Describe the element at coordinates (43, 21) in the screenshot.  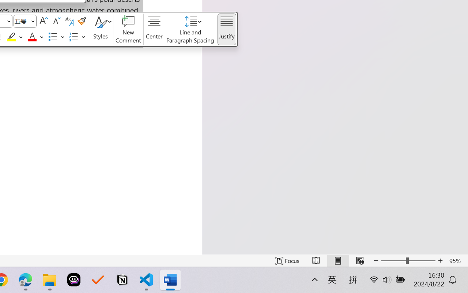
I see `'Grow Font'` at that location.